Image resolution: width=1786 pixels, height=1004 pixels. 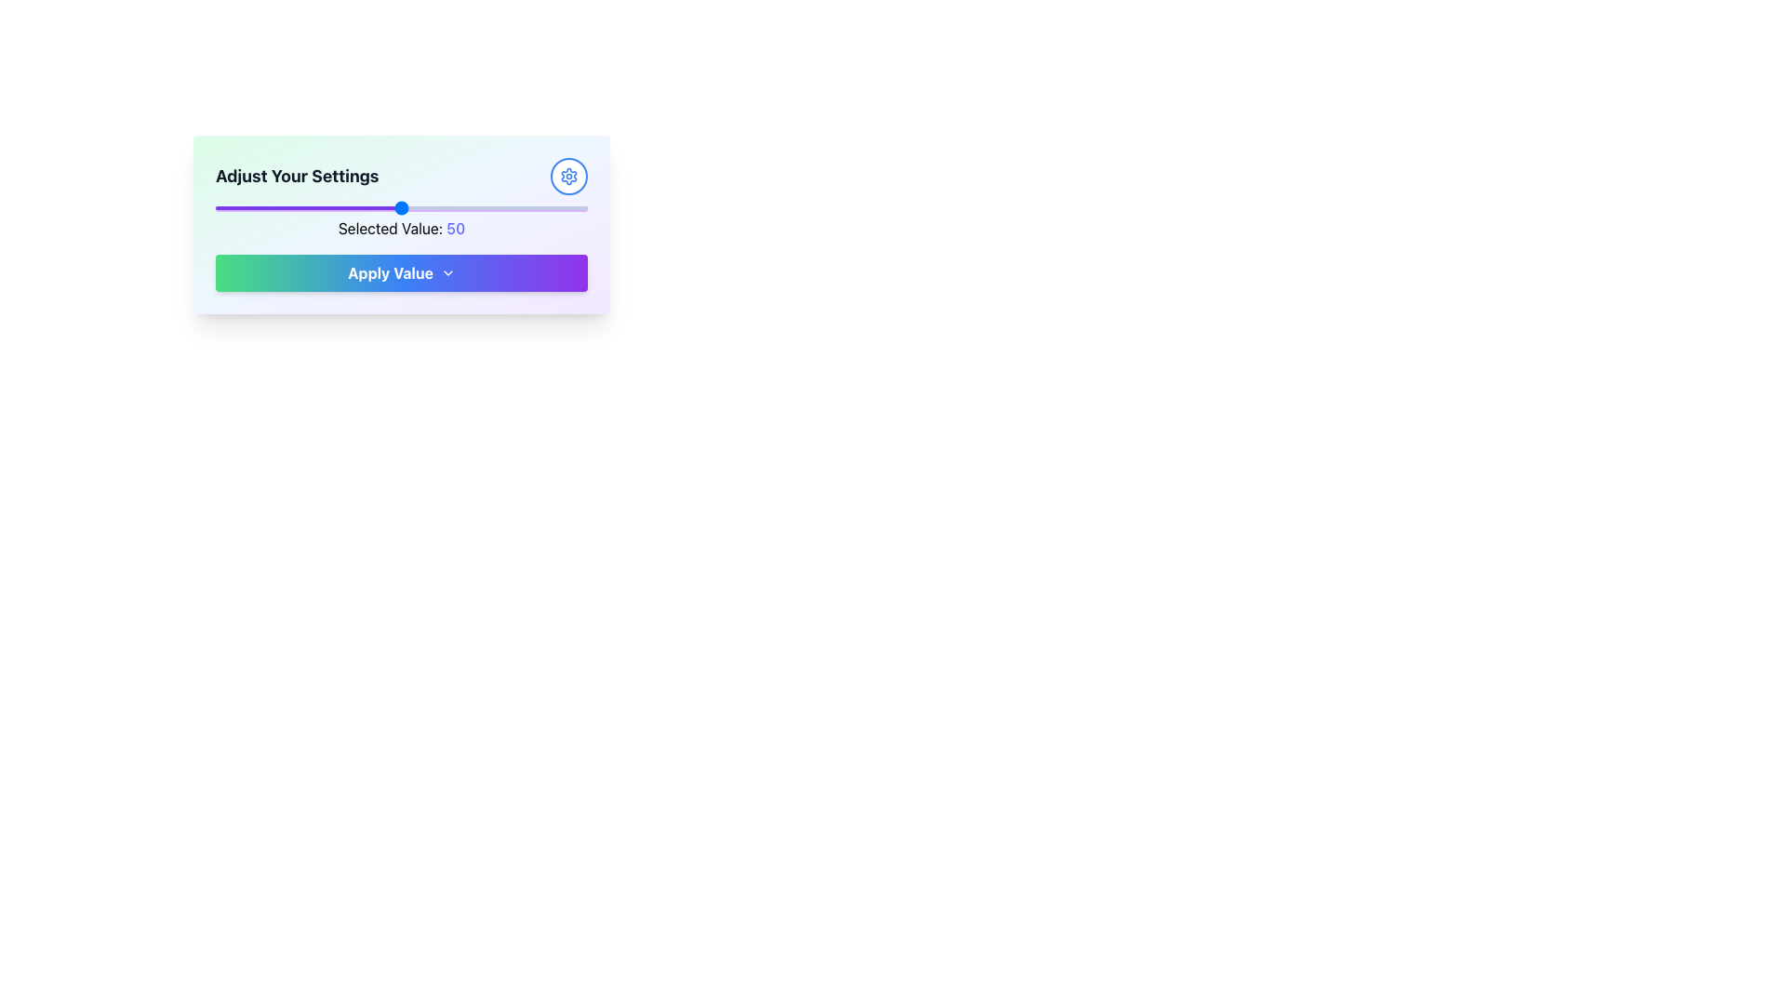 I want to click on the gear icon inside the circular button located in the top-right corner of the 'Adjust Your Settings' card, so click(x=567, y=176).